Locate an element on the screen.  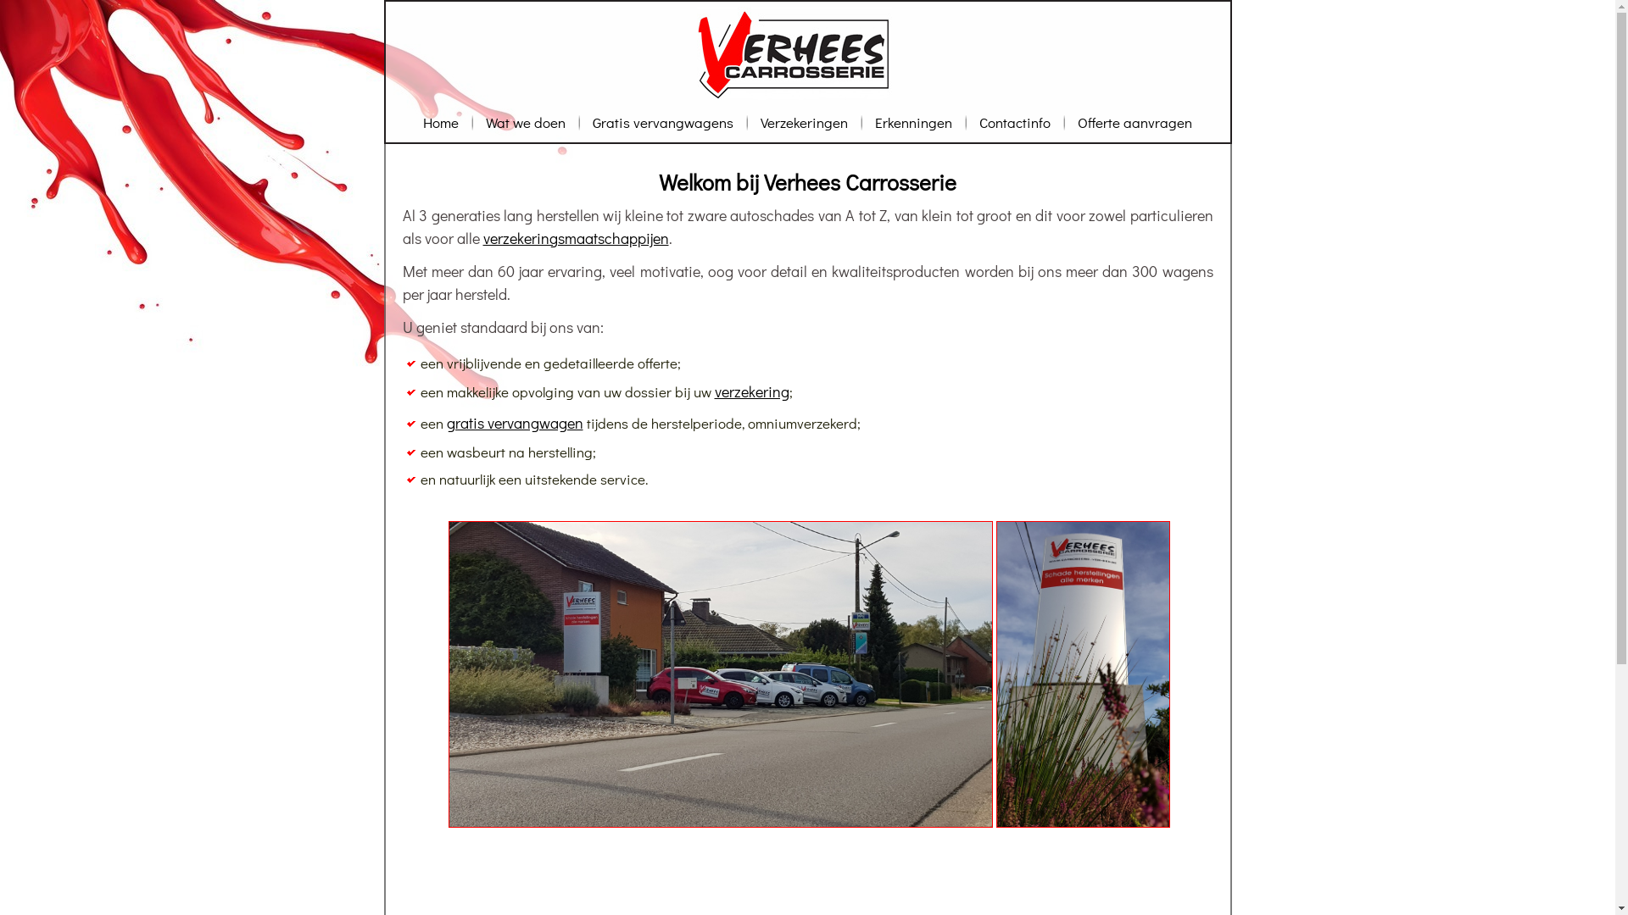
'verzekeringsmaatschappijen' is located at coordinates (576, 238).